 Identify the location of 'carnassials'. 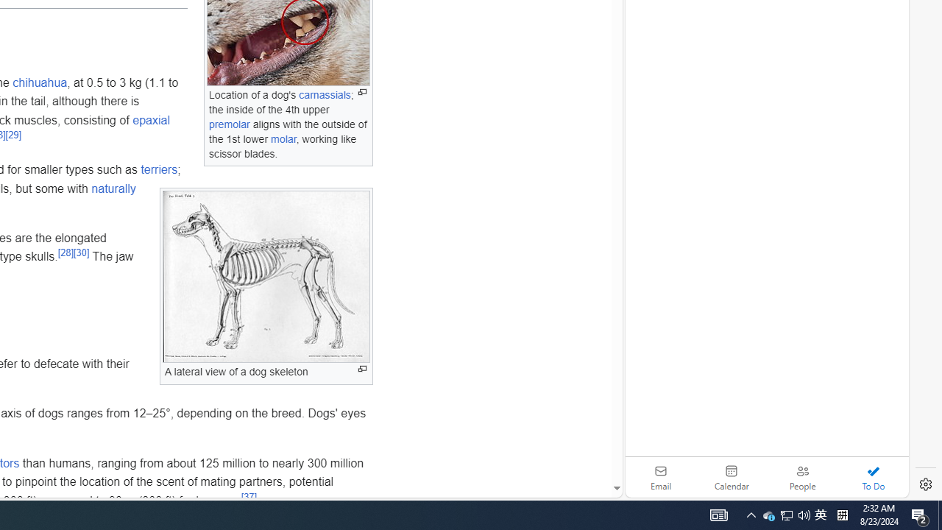
(324, 95).